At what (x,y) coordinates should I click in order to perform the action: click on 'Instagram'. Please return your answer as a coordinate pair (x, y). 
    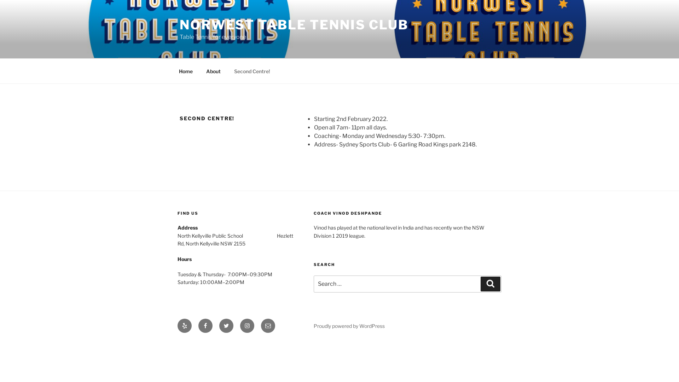
    Looking at the image, I should click on (247, 326).